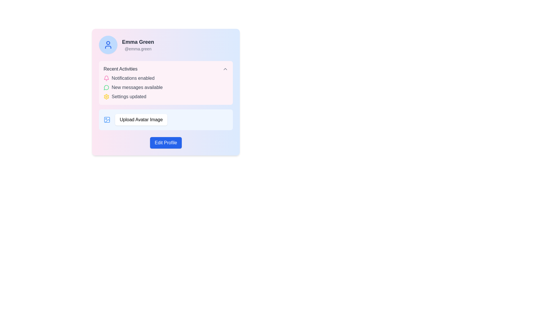 The height and width of the screenshot is (311, 554). What do you see at coordinates (106, 88) in the screenshot?
I see `the circular message icon with a green border and transparent center, which features a speech bubble motif, located to the left of the text 'New messages available' in the 'Recent Activities' section` at bounding box center [106, 88].